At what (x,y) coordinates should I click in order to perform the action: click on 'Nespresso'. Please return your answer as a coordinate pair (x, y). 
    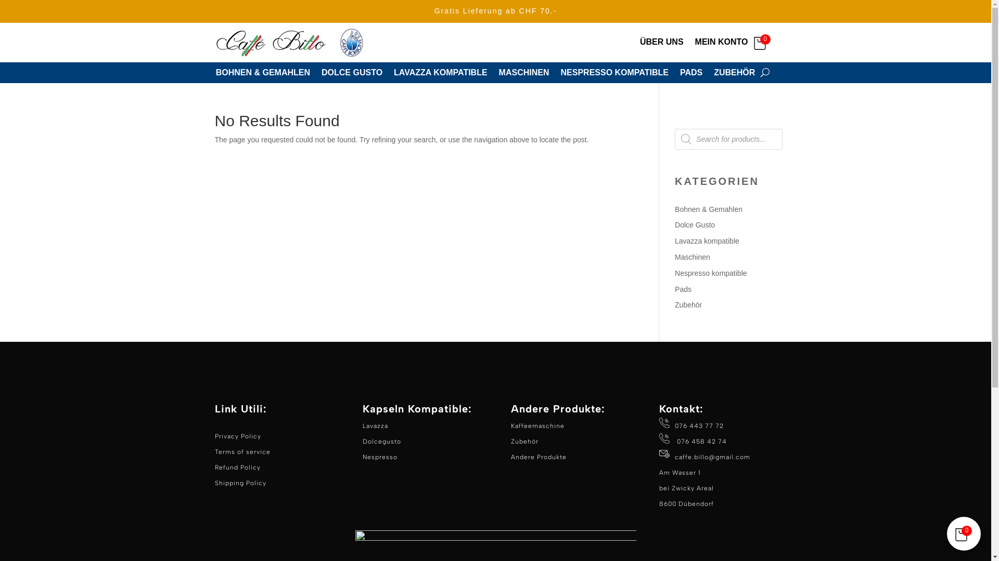
    Looking at the image, I should click on (379, 456).